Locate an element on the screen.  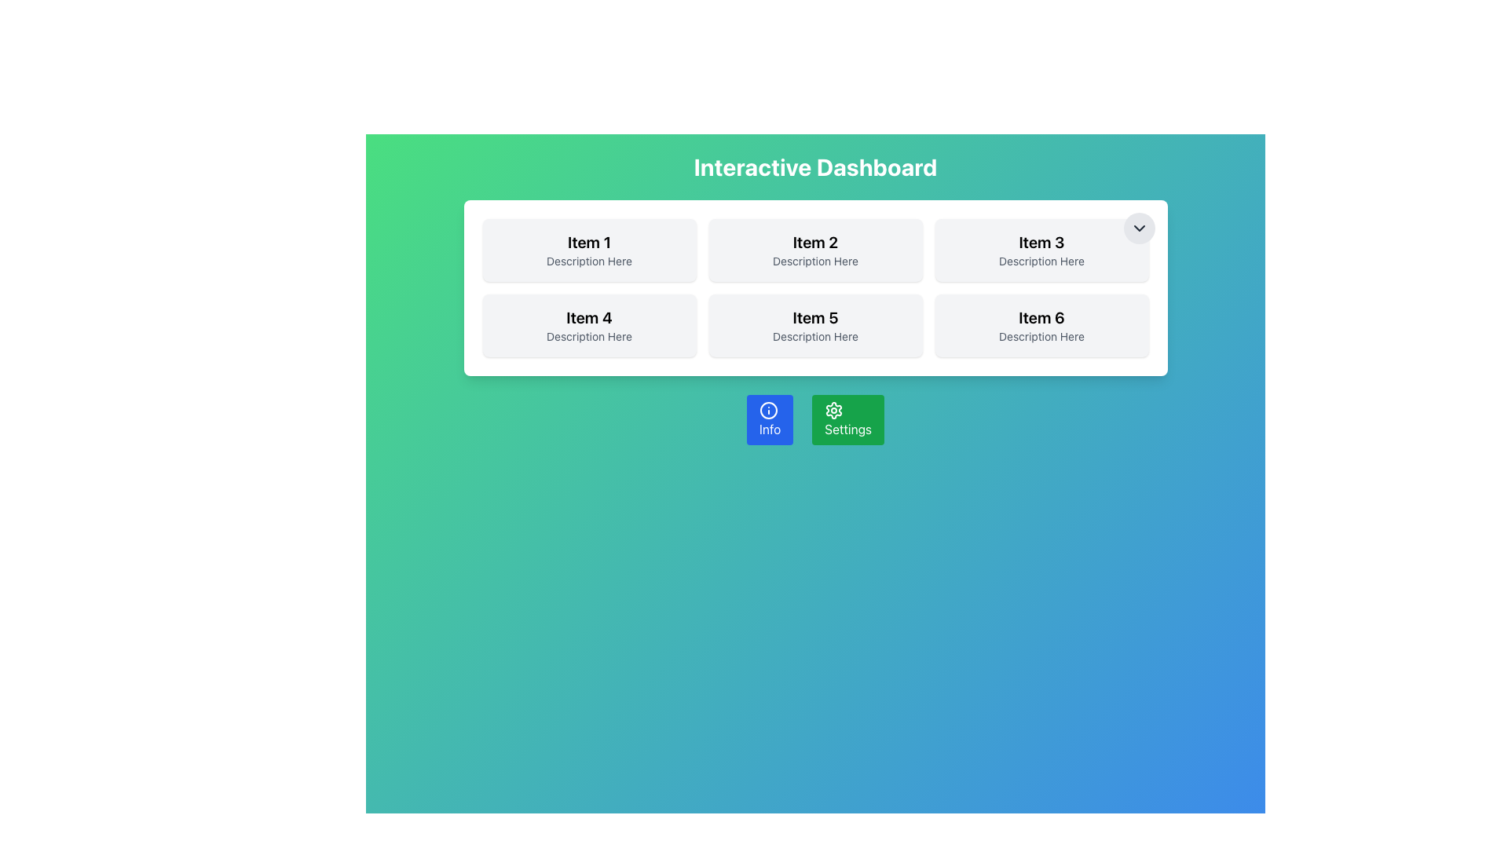
text label that serves as the title or header for the associated card located in the bottom-right corner of the grid within the dashboard, positioned directly above the description text 'Description Here' is located at coordinates (1041, 318).